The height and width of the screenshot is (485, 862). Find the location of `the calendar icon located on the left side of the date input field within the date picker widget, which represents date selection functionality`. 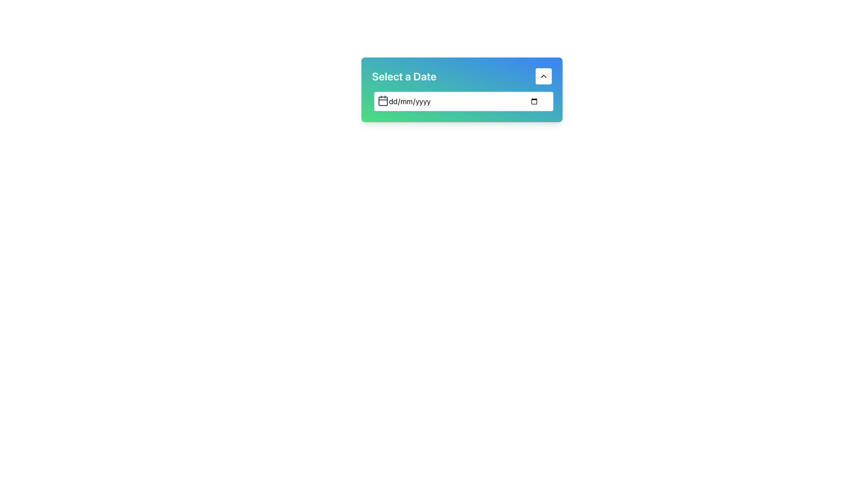

the calendar icon located on the left side of the date input field within the date picker widget, which represents date selection functionality is located at coordinates (383, 101).